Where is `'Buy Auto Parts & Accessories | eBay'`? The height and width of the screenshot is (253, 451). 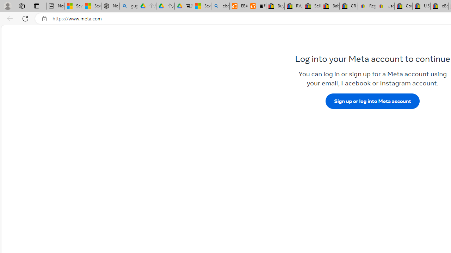
'Buy Auto Parts & Accessories | eBay' is located at coordinates (275, 6).